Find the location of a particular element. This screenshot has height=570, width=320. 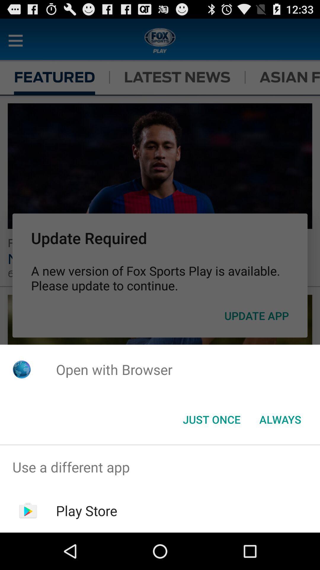

app below the open with browser is located at coordinates (280, 419).